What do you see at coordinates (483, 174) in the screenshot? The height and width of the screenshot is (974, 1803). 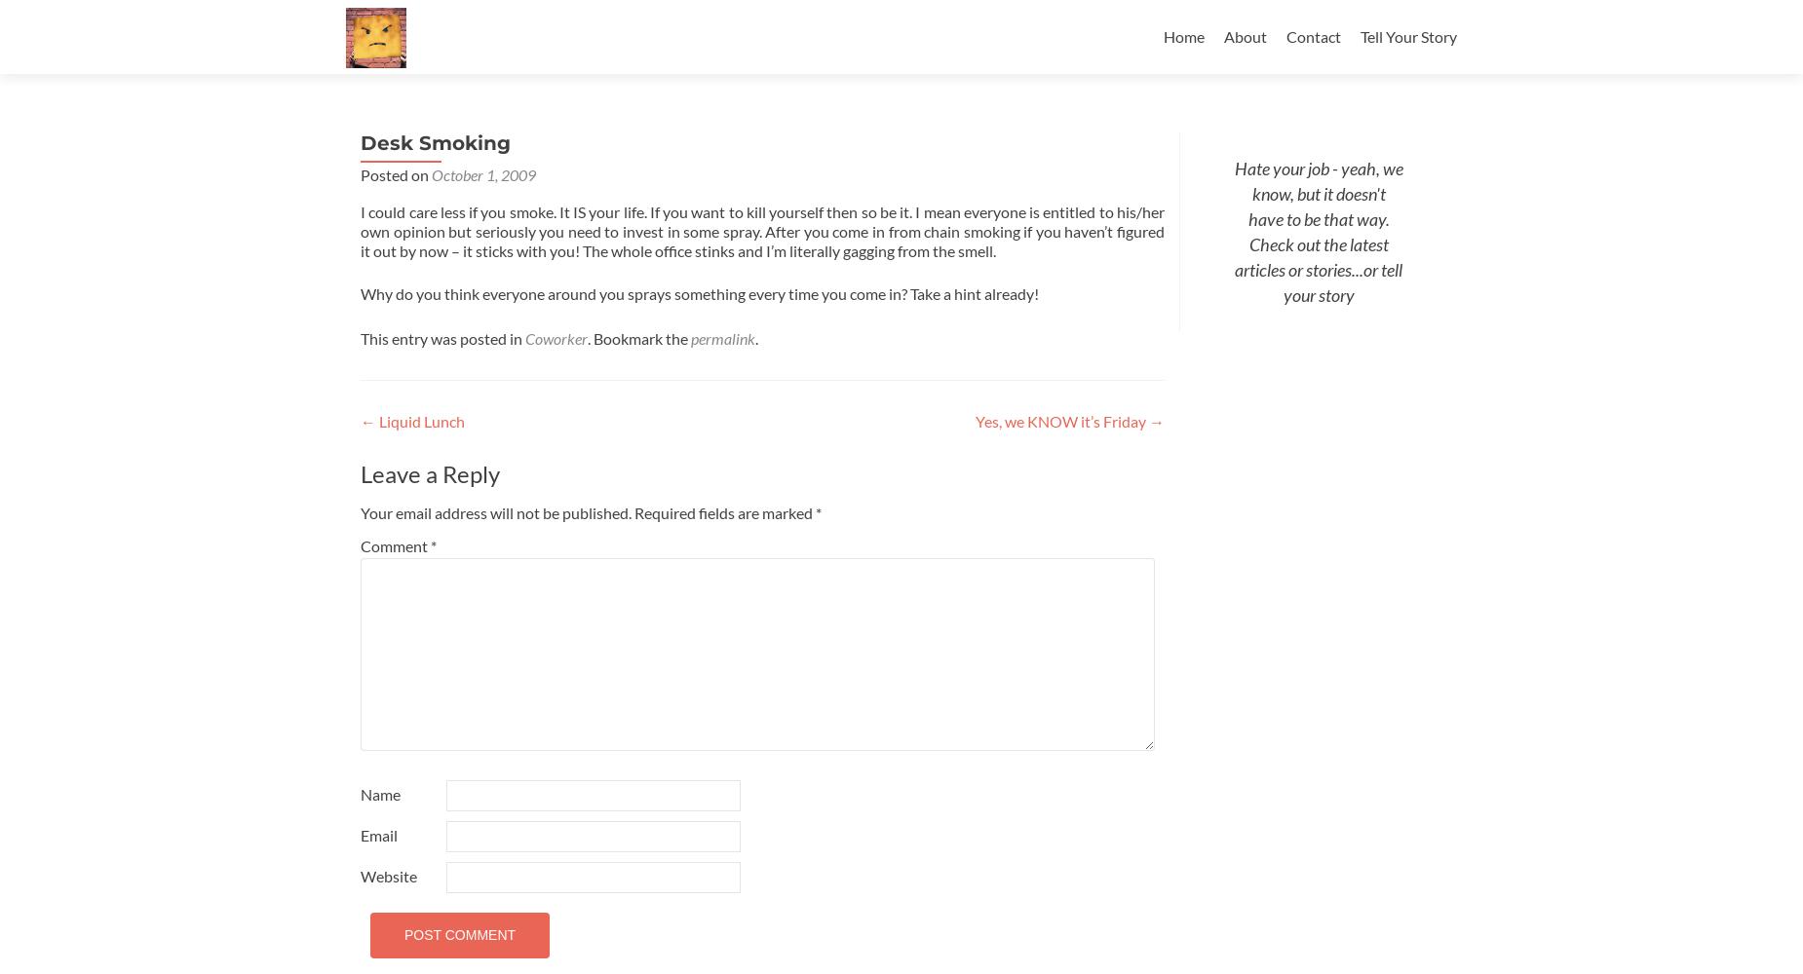 I see `'October 1, 2009'` at bounding box center [483, 174].